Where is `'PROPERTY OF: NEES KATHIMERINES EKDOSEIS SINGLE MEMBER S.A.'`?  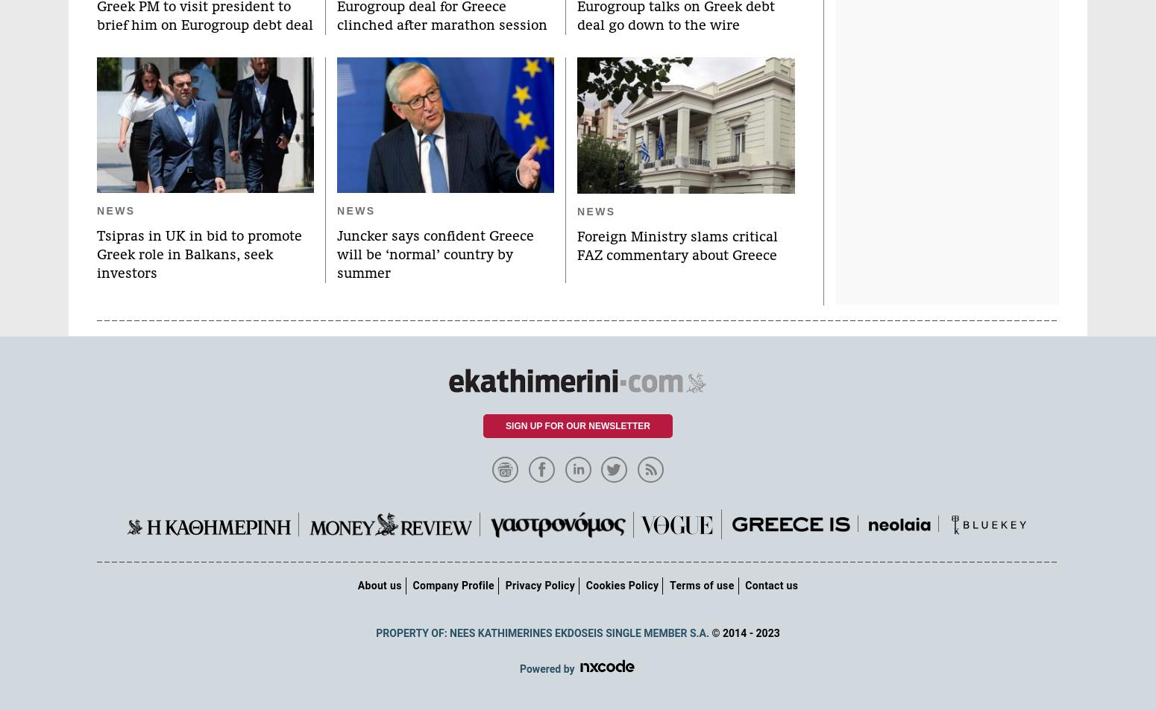
'PROPERTY OF: NEES KATHIMERINES EKDOSEIS SINGLE MEMBER S.A.' is located at coordinates (542, 633).